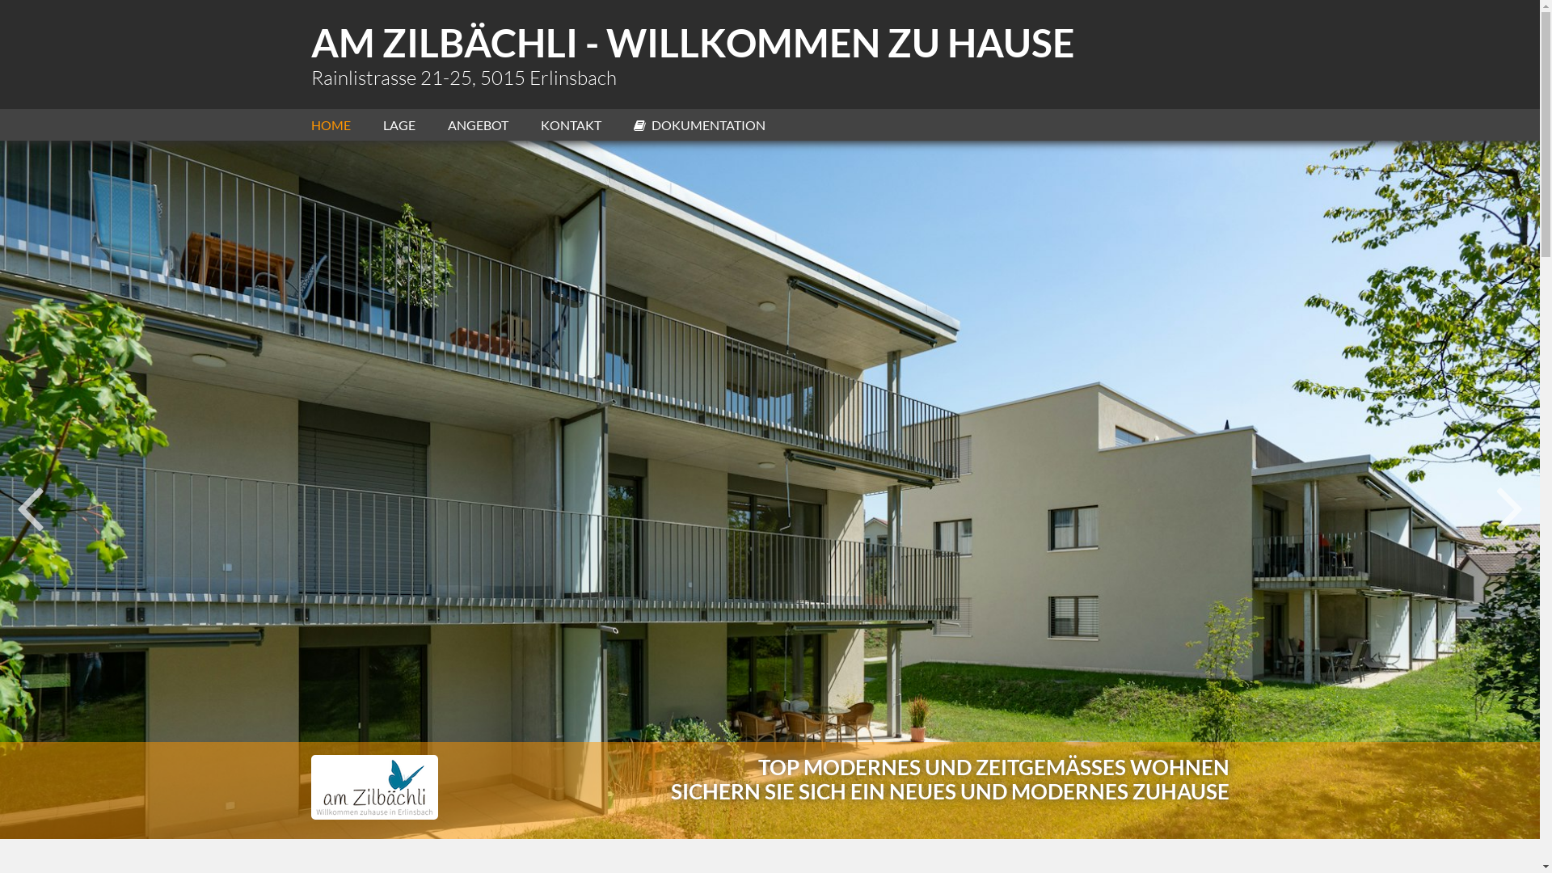  What do you see at coordinates (382, 124) in the screenshot?
I see `'LAGE'` at bounding box center [382, 124].